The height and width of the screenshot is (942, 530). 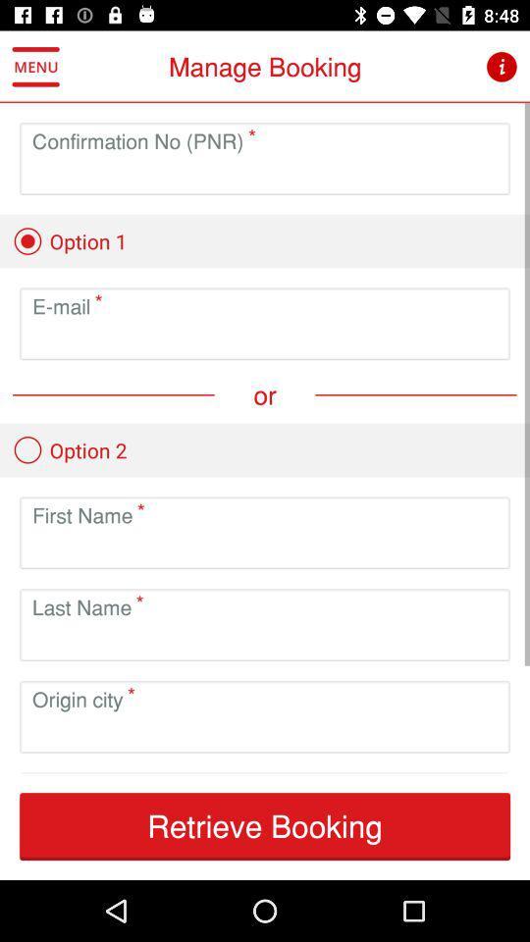 I want to click on the  above the text  origin city, so click(x=129, y=691).